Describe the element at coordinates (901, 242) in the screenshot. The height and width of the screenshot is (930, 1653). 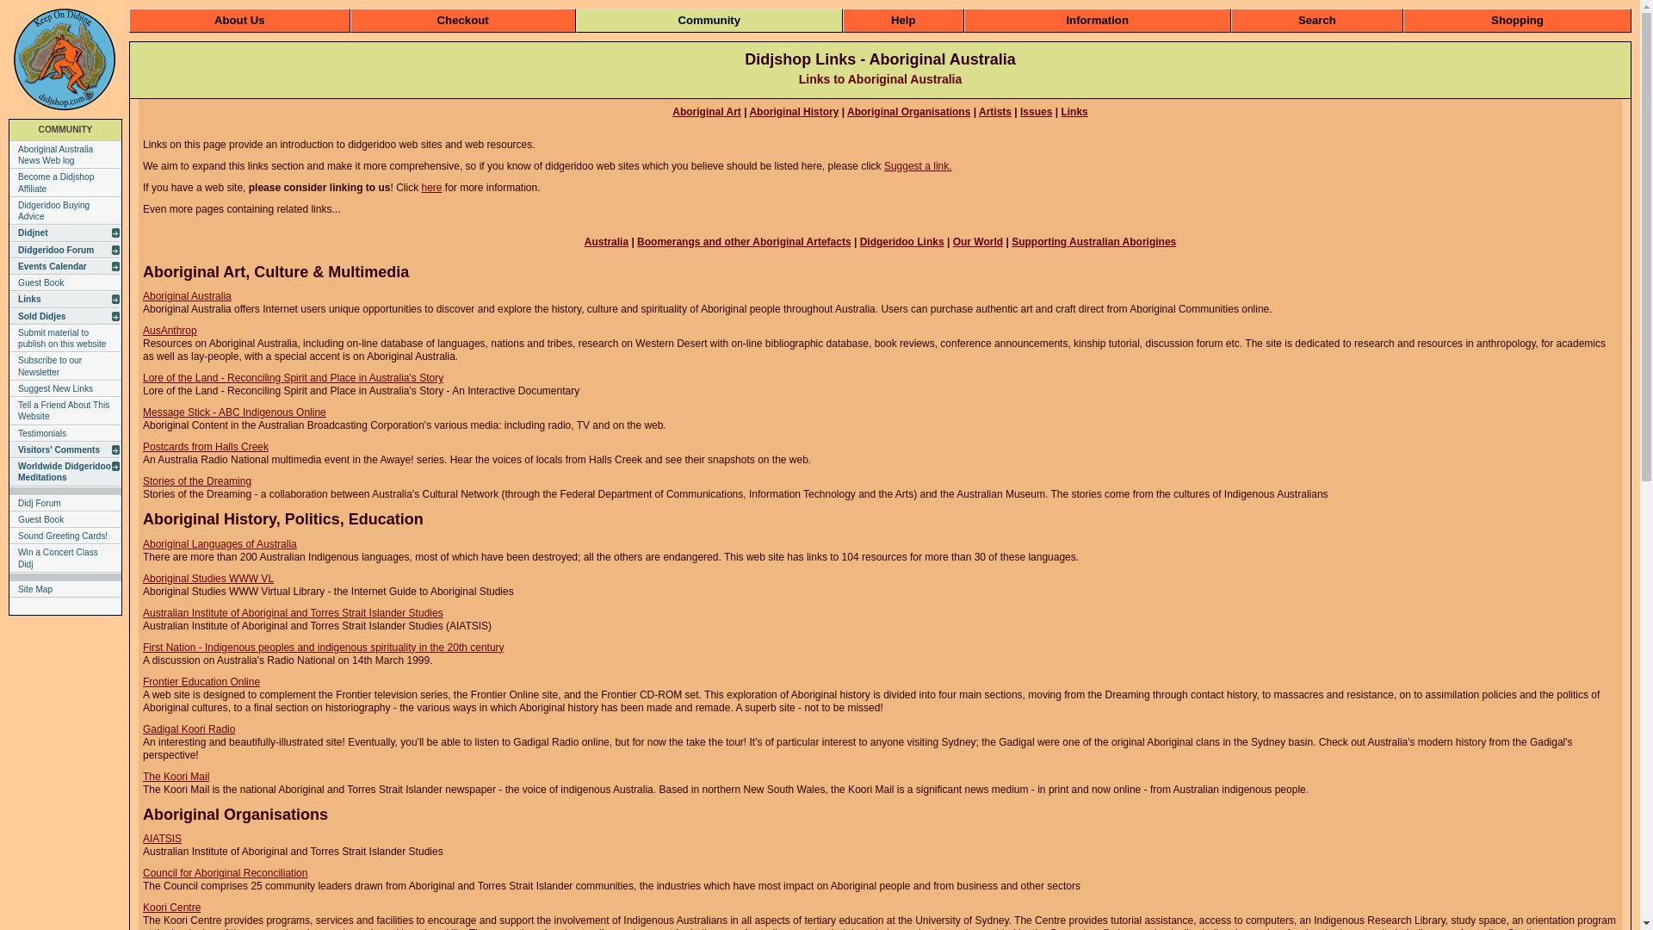
I see `'Didgeridoo Links'` at that location.